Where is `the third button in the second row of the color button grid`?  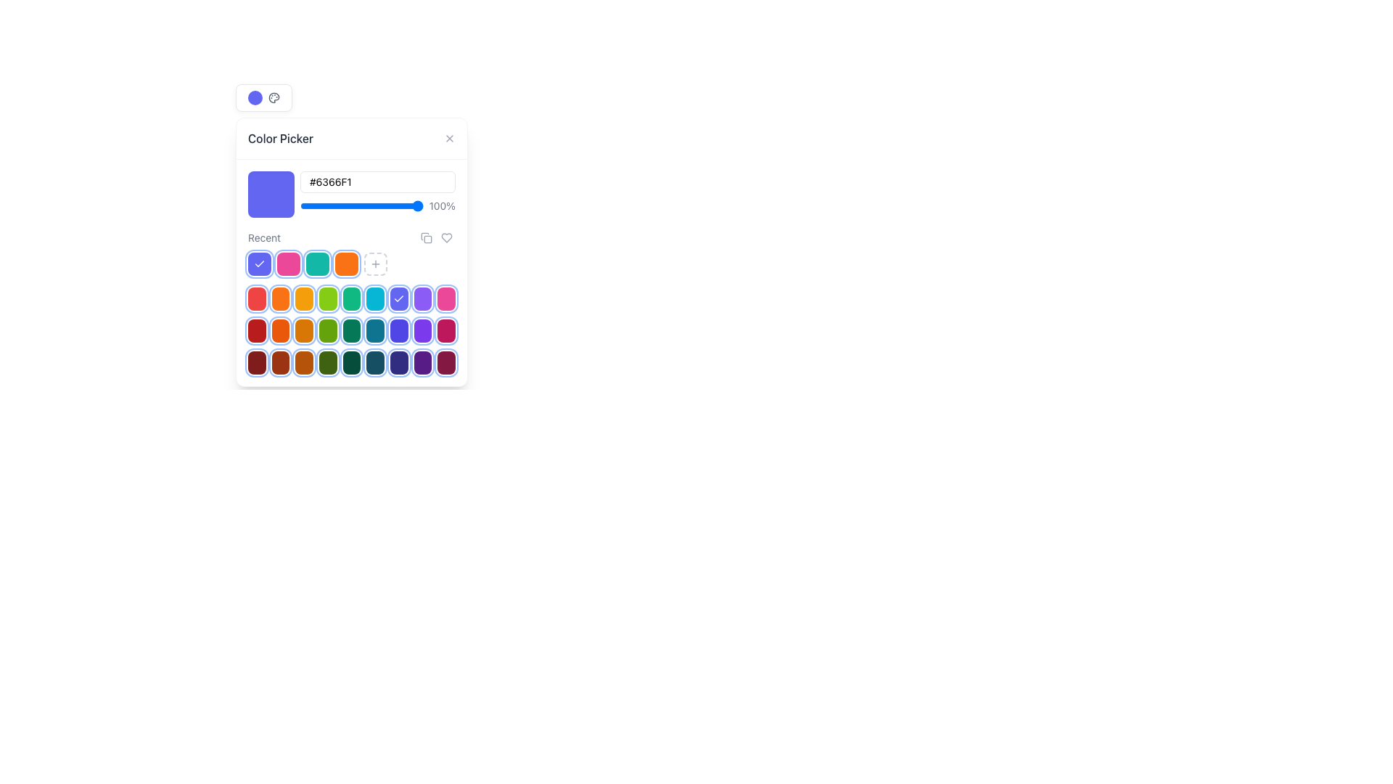
the third button in the second row of the color button grid is located at coordinates (303, 298).